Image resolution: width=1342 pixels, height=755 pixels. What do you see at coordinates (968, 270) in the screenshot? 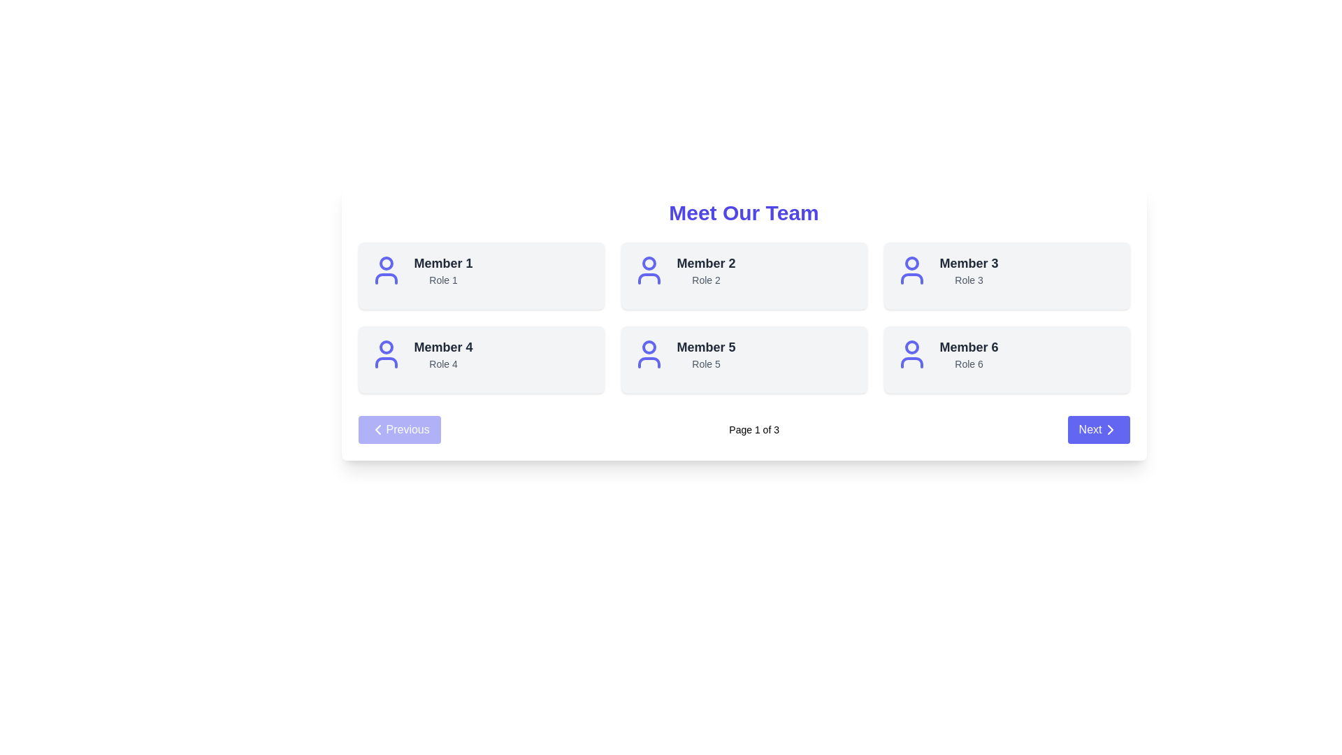
I see `text content of the informational label displaying a member's title and role, located in the top right cell of the grid layout` at bounding box center [968, 270].